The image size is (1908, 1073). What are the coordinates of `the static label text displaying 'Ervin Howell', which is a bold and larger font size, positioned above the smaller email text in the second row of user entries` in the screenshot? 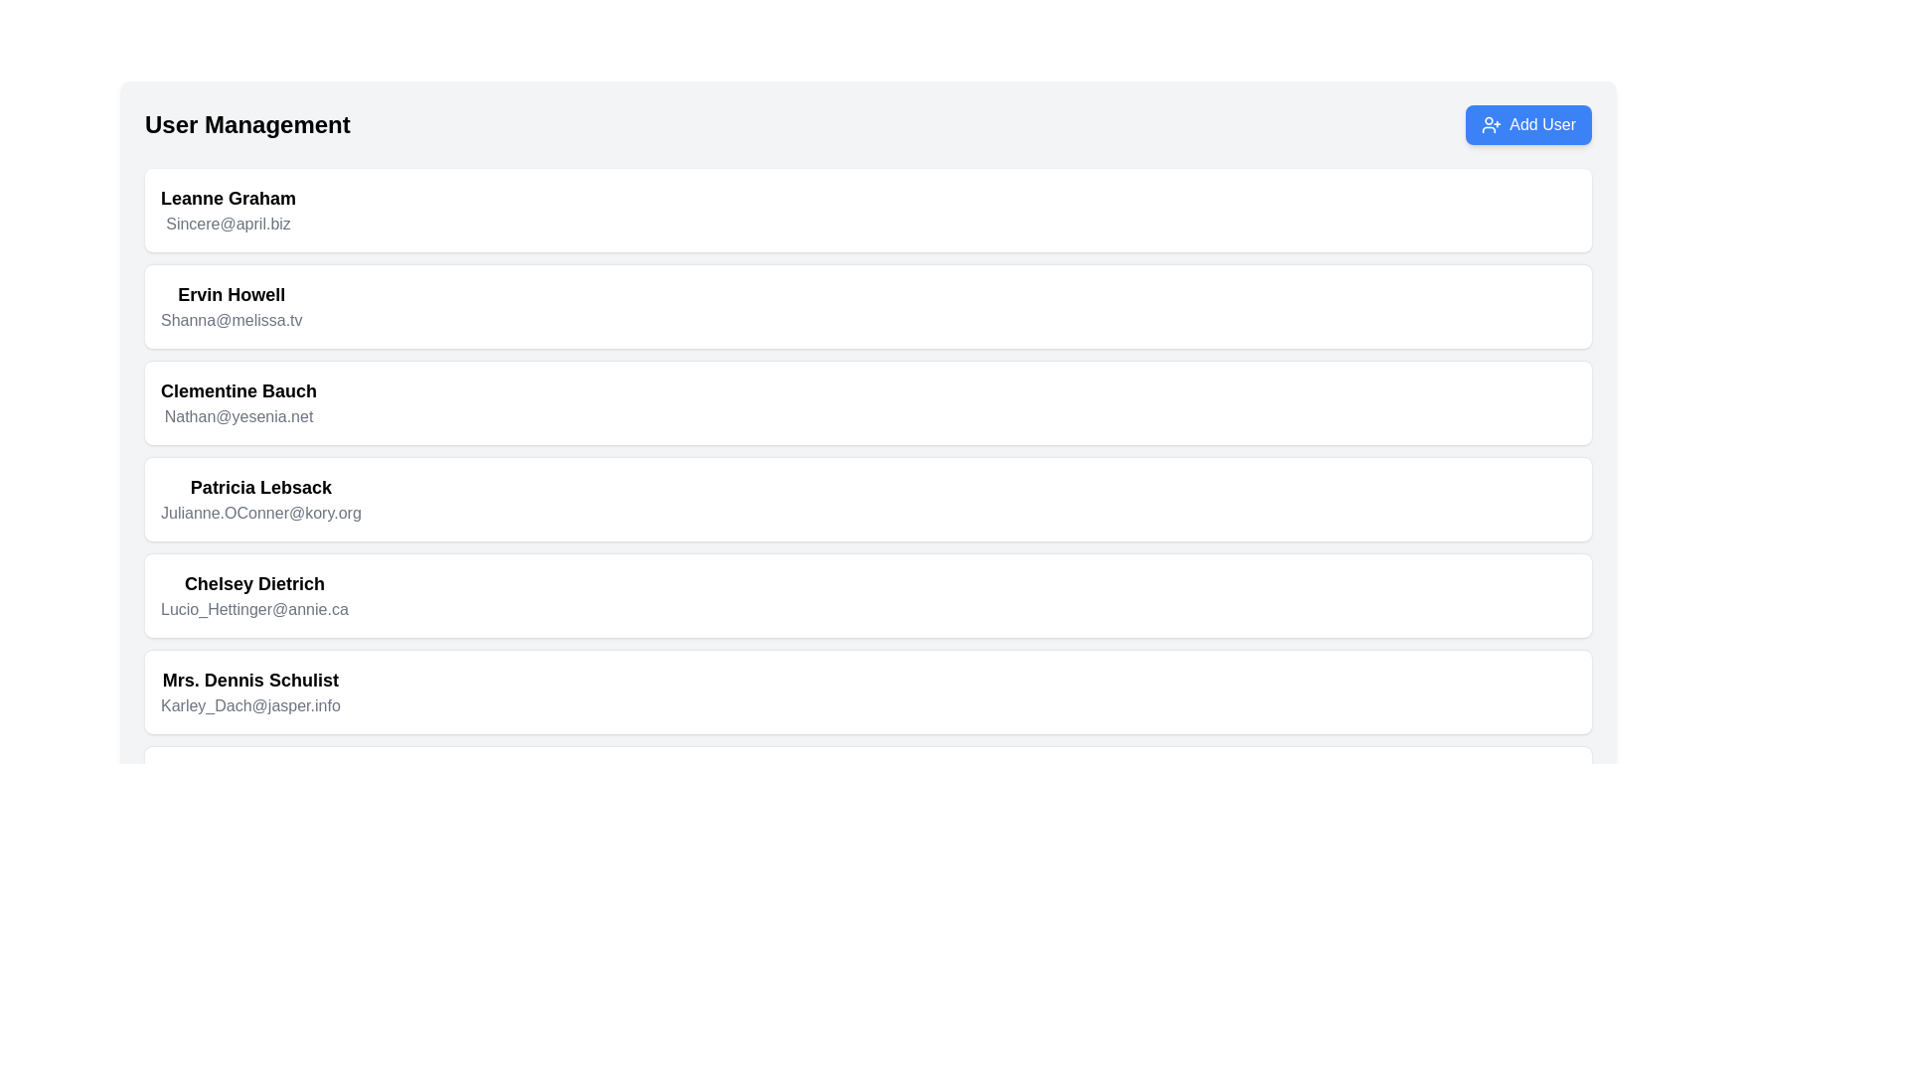 It's located at (232, 295).